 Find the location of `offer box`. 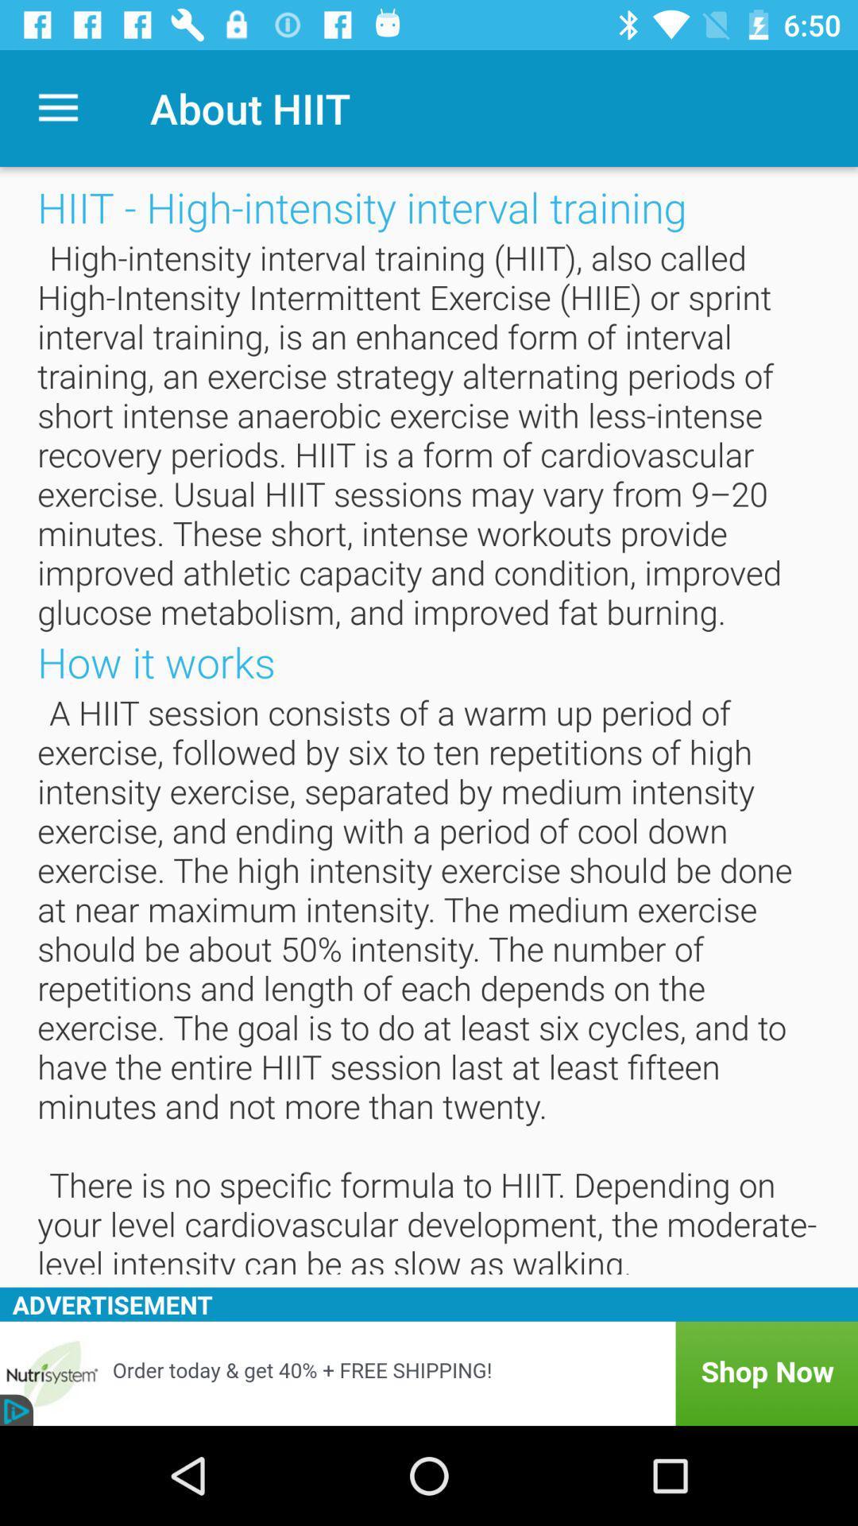

offer box is located at coordinates (429, 1373).